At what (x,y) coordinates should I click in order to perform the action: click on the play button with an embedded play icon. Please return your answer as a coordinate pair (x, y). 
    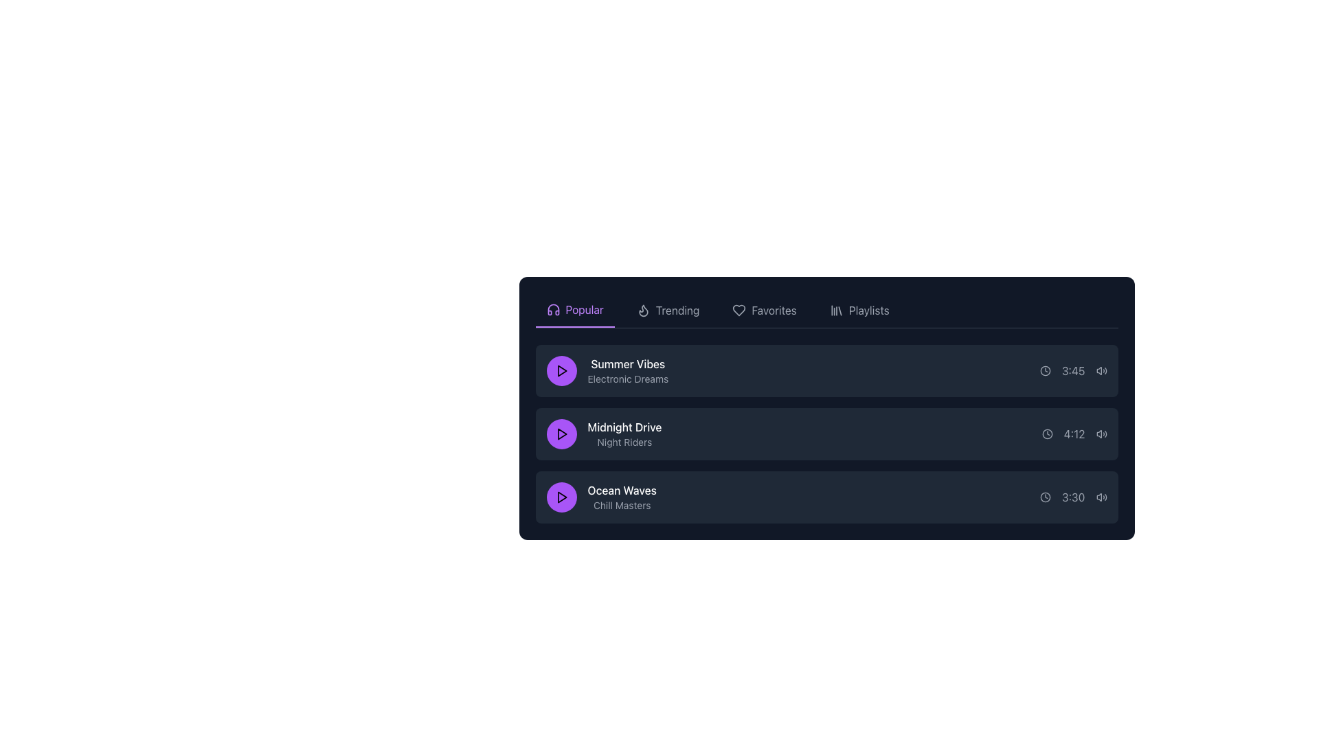
    Looking at the image, I should click on (561, 371).